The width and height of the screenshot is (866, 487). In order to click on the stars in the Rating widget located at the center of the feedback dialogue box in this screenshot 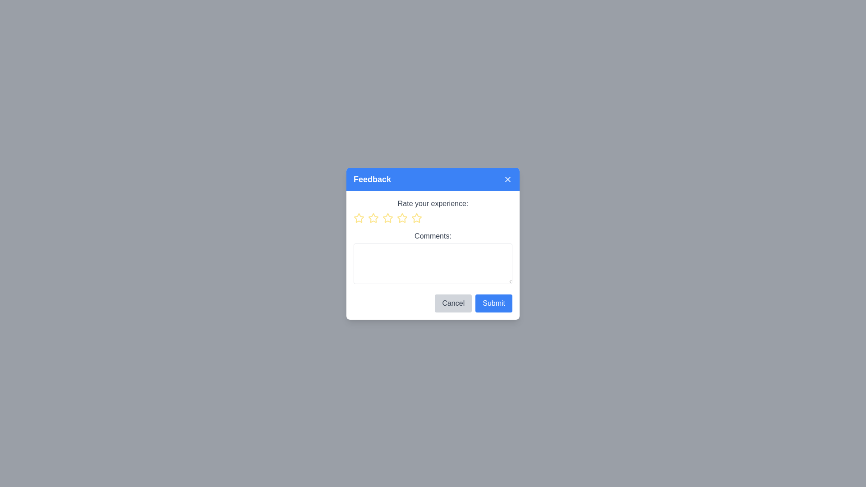, I will do `click(433, 217)`.